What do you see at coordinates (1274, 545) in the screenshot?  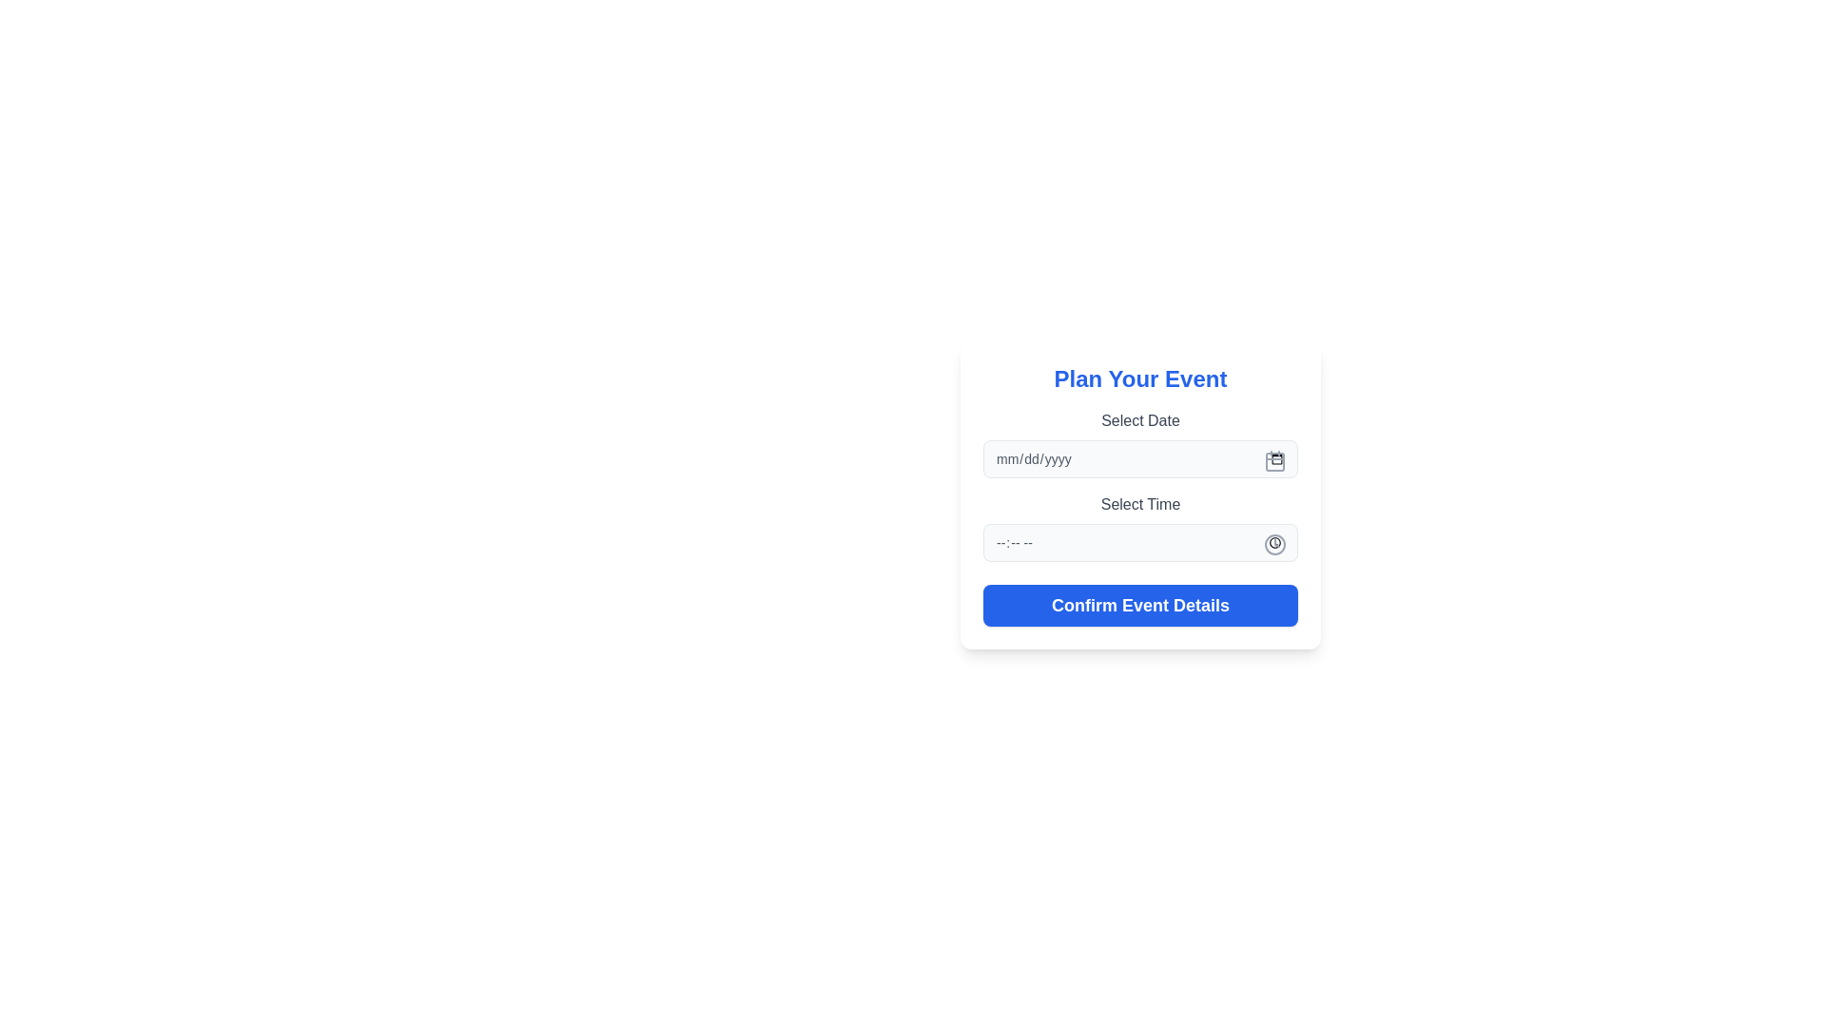 I see `the time selection indicator icon located at the far right inside the time selection input field, which serves as a visual guide for entering time-related data` at bounding box center [1274, 545].